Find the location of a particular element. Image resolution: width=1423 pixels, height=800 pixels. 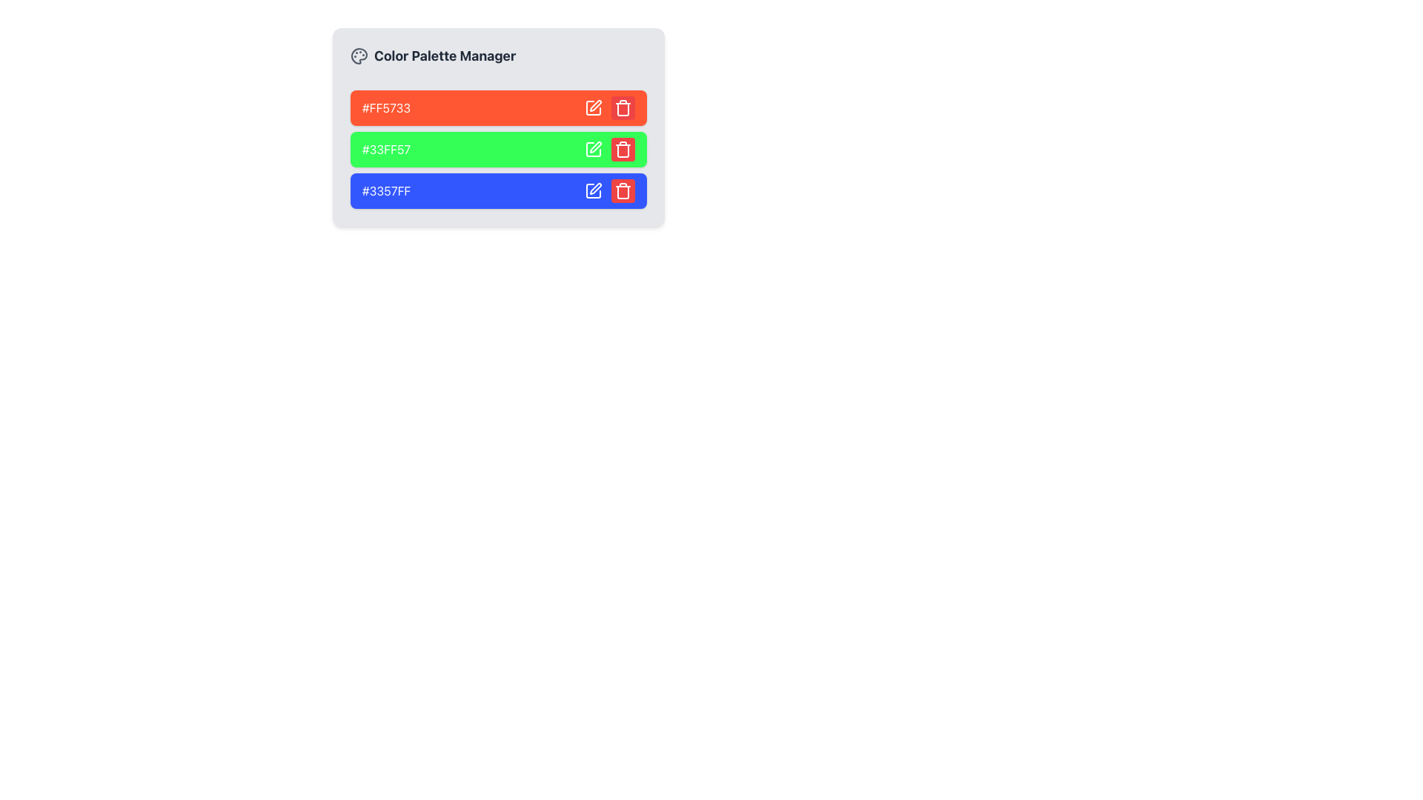

the edit button located to the right of the color label '#FF5733' in the Color Palette Manager to initiate color editing is located at coordinates (594, 107).